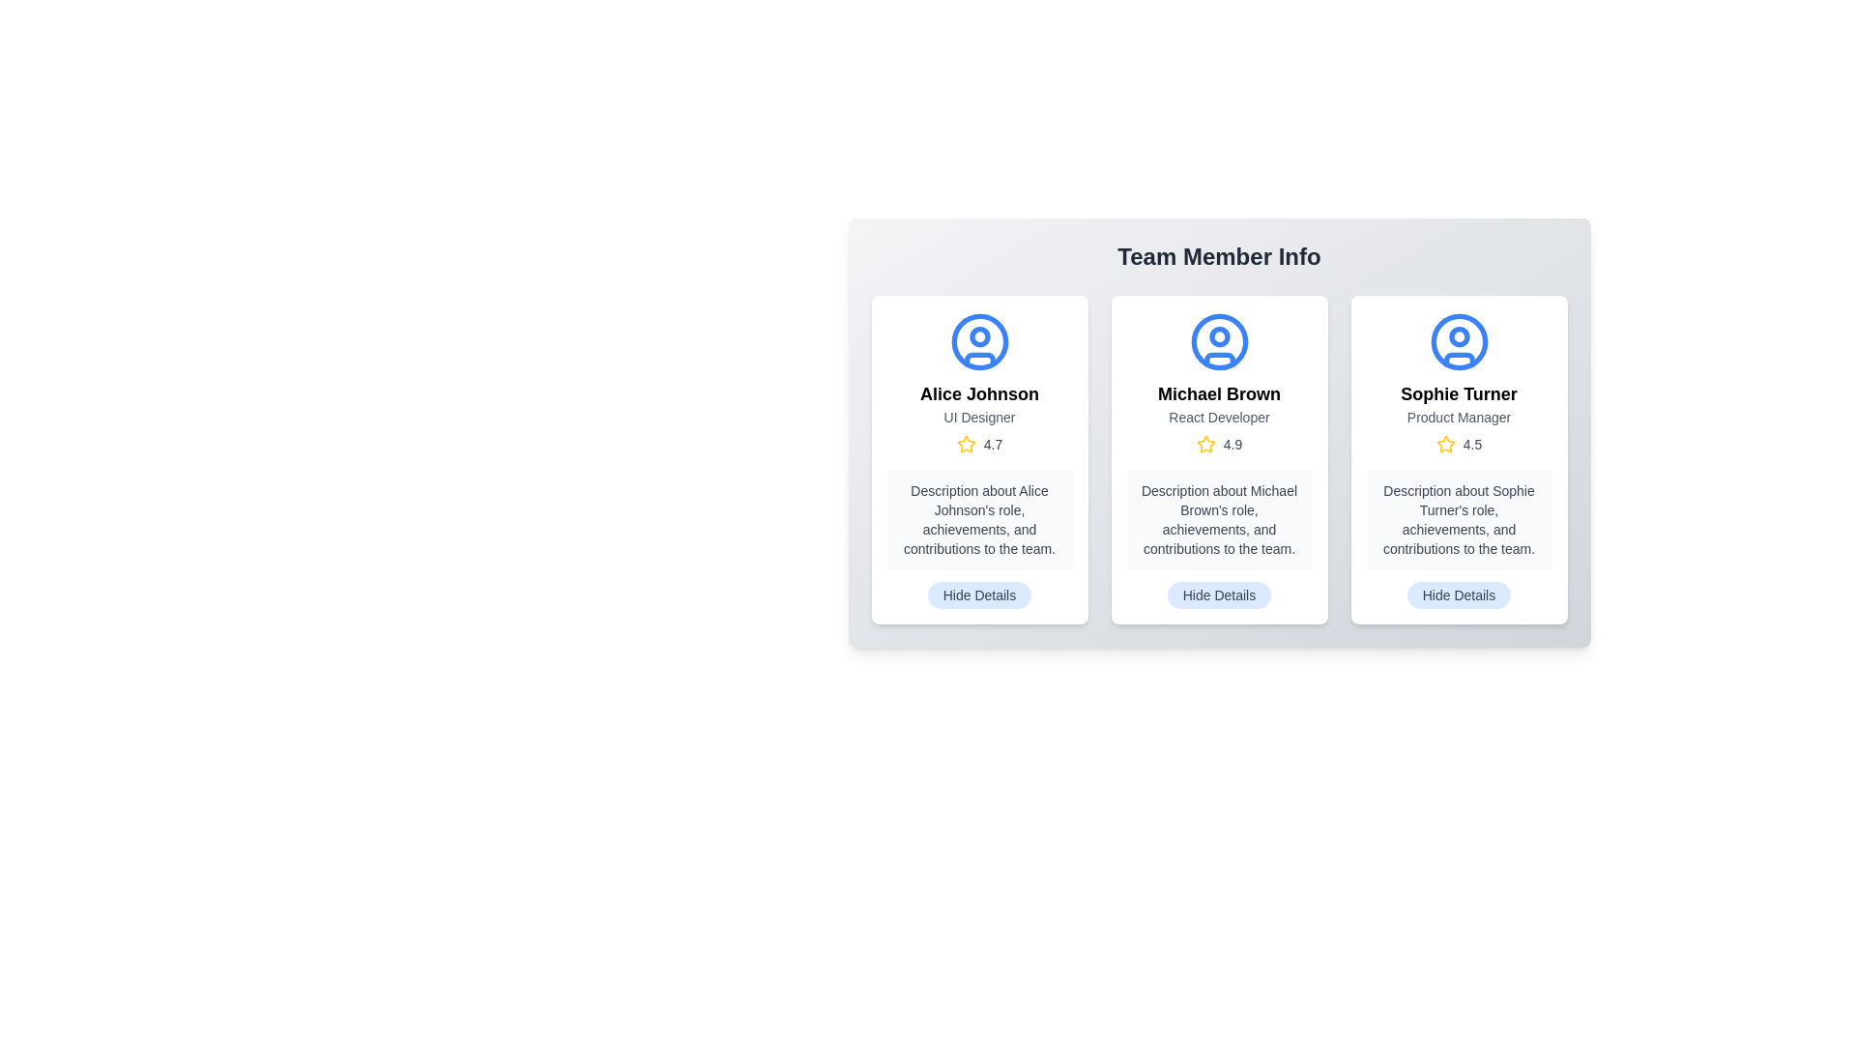 The width and height of the screenshot is (1856, 1044). What do you see at coordinates (979, 444) in the screenshot?
I see `rating text '4.7' and interpret the graphical star representation of the rating display for 'Alice Johnson'` at bounding box center [979, 444].